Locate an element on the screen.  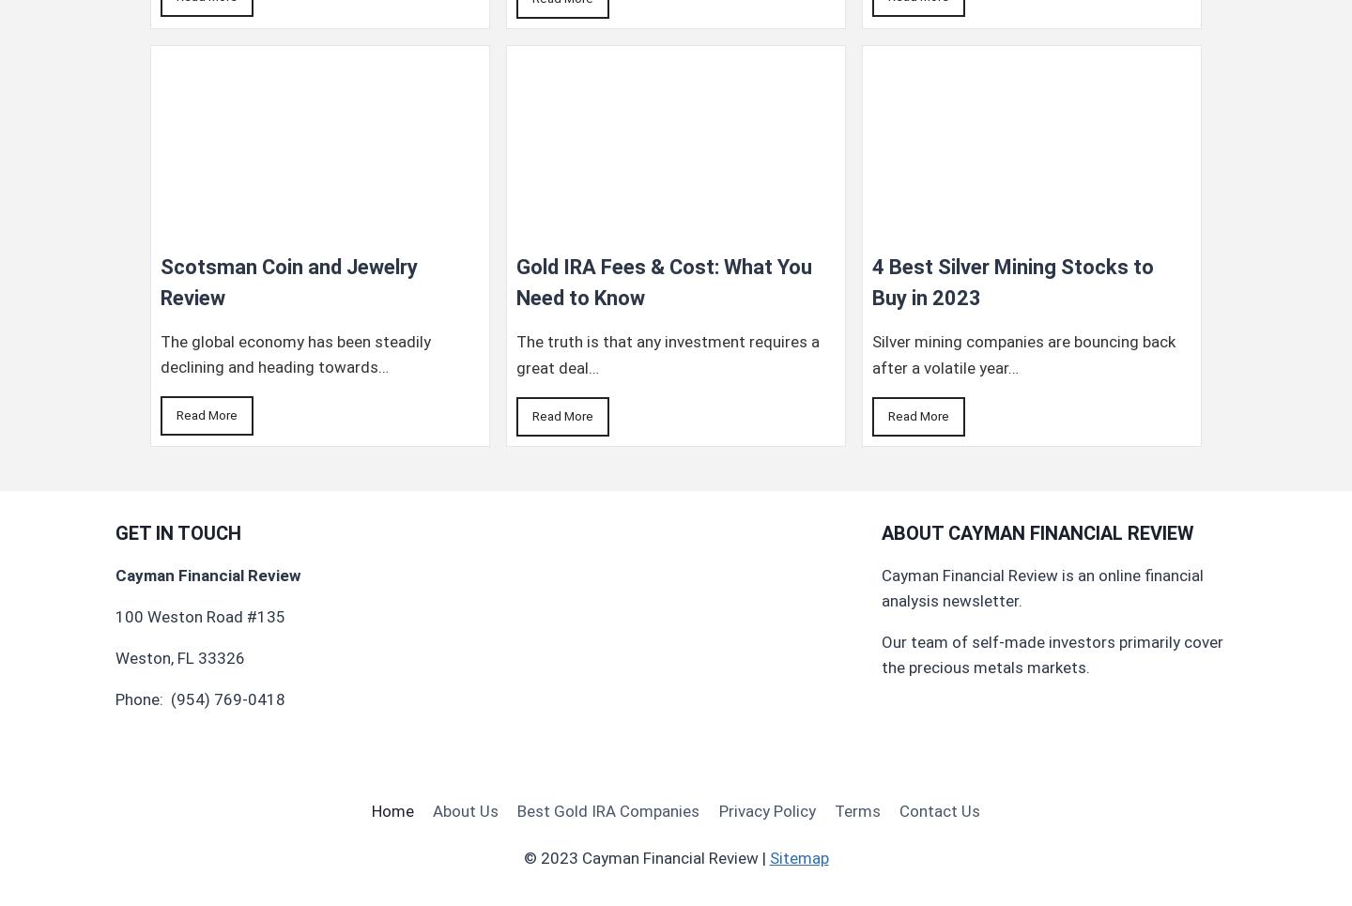
'About Us' is located at coordinates (464, 810).